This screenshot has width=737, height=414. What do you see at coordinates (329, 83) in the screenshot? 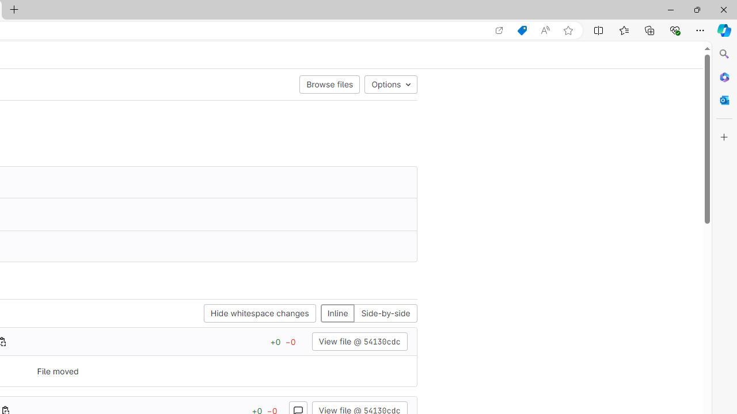
I see `'Browse files'` at bounding box center [329, 83].